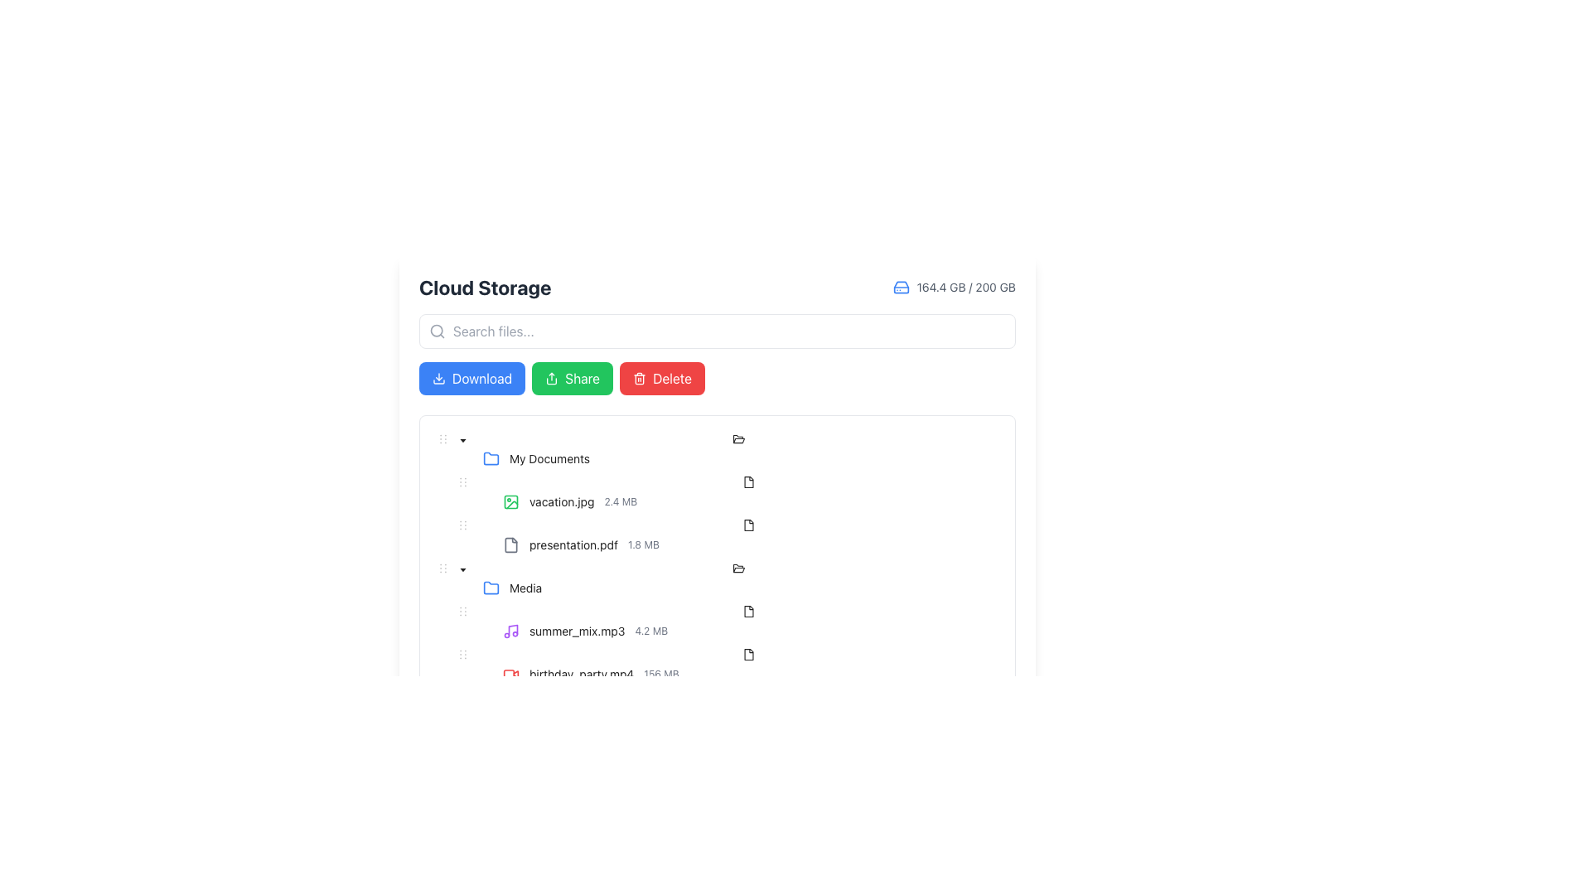 The image size is (1591, 895). What do you see at coordinates (481, 491) in the screenshot?
I see `the switcher element located to the left of the file thumbnail for 'vacation.jpg 2.4 MB'` at bounding box center [481, 491].